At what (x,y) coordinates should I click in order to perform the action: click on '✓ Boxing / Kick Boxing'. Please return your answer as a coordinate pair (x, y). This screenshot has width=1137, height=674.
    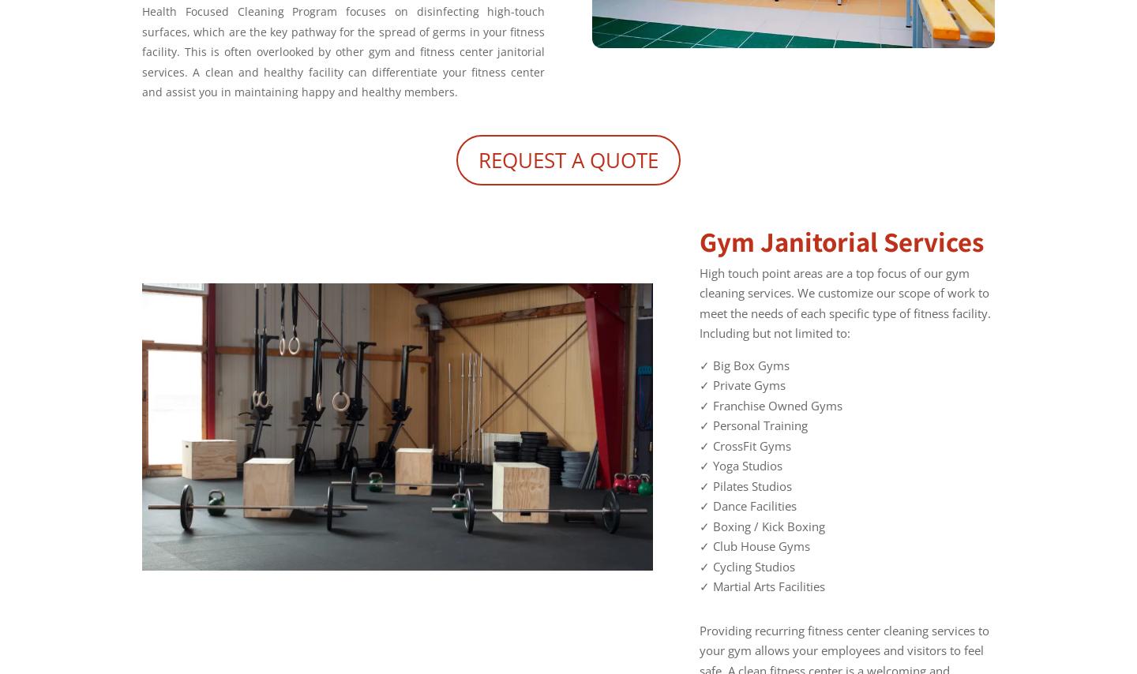
    Looking at the image, I should click on (761, 526).